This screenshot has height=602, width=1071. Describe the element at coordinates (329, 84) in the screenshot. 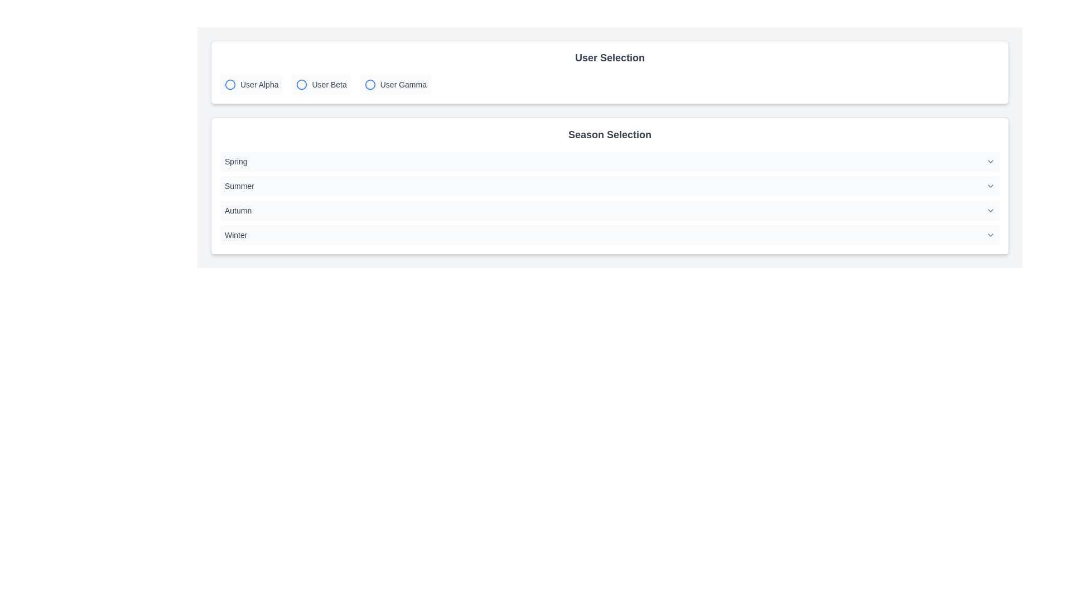

I see `the 'User Beta' text label, which is a gray-colored label located centrally in the user selection section between 'User Alpha' and 'User Gamma'` at that location.